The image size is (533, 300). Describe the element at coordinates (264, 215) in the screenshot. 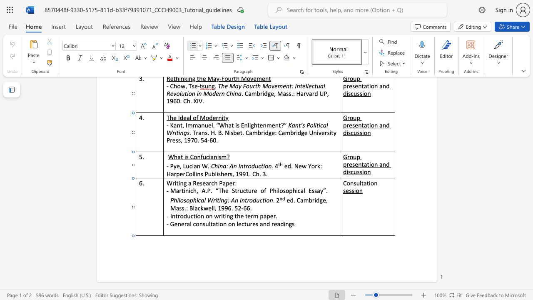

I see `the 1th character "a" in the text` at that location.